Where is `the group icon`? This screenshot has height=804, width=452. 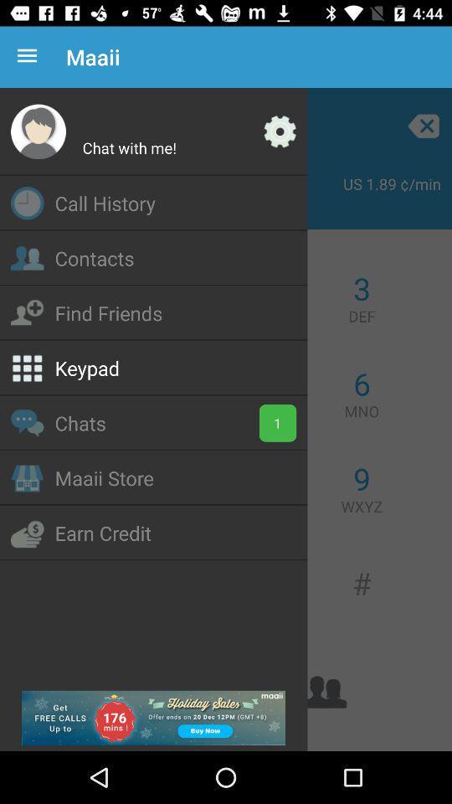 the group icon is located at coordinates (325, 692).